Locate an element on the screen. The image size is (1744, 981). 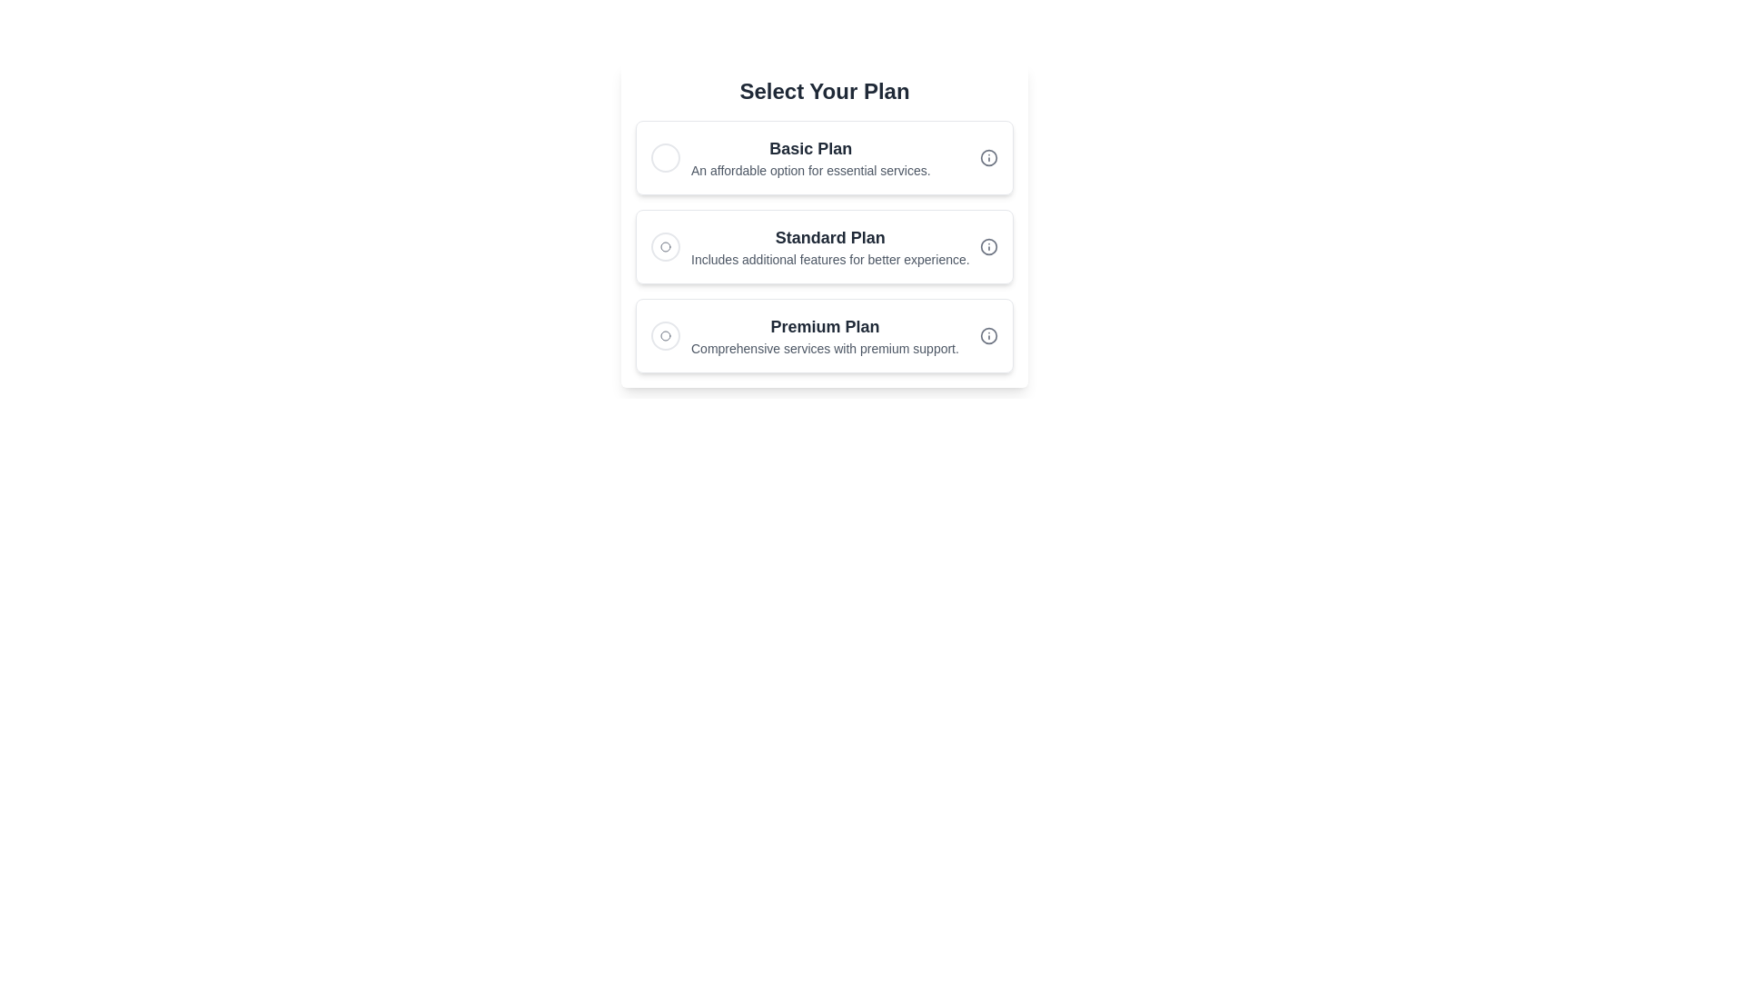
the 'Premium Plan' selectable option, which includes a radio button and descriptive text, located below the 'Standard Plan' in the vertical selection list is located at coordinates (824, 336).